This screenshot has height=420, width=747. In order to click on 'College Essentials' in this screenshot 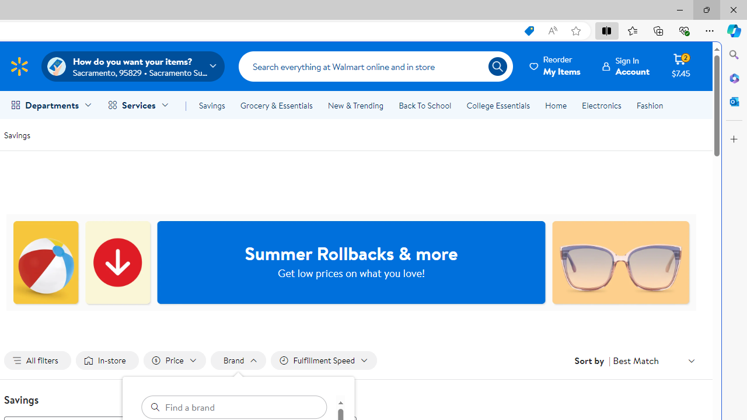, I will do `click(498, 106)`.